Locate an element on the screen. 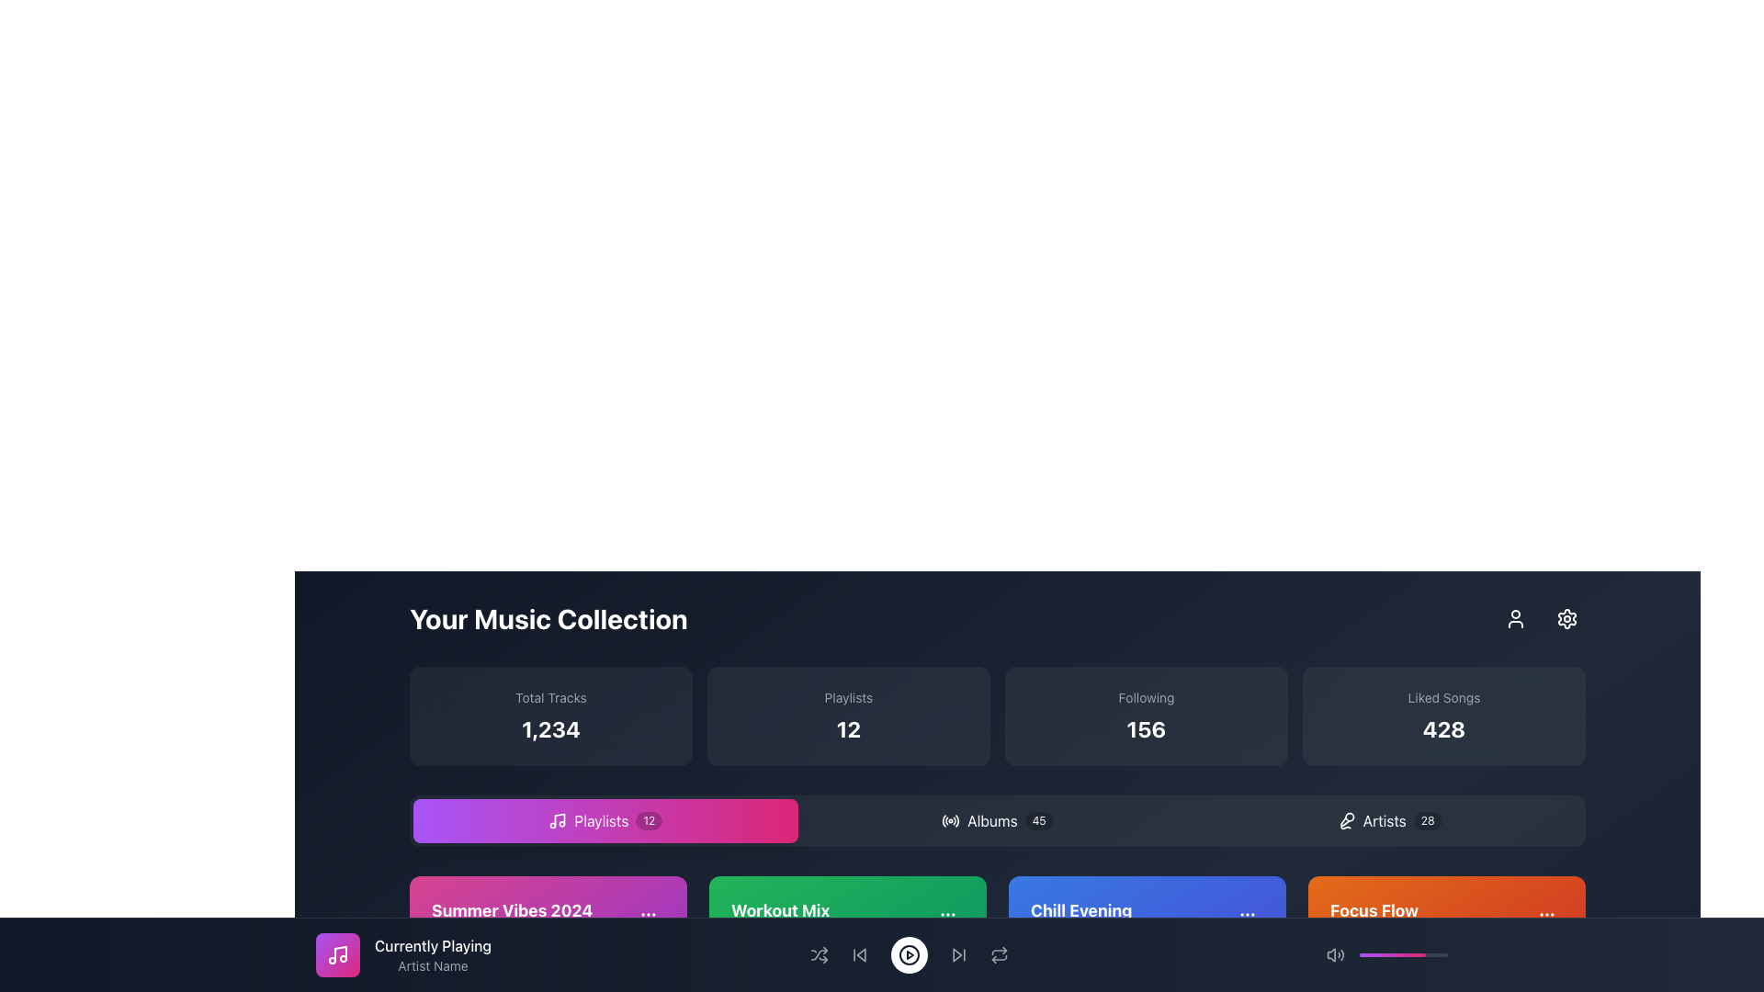 This screenshot has width=1764, height=992. the title label of the music playlist, which provides an overview of the playlist's theme or name, located in the center-left section of the grid is located at coordinates (780, 910).